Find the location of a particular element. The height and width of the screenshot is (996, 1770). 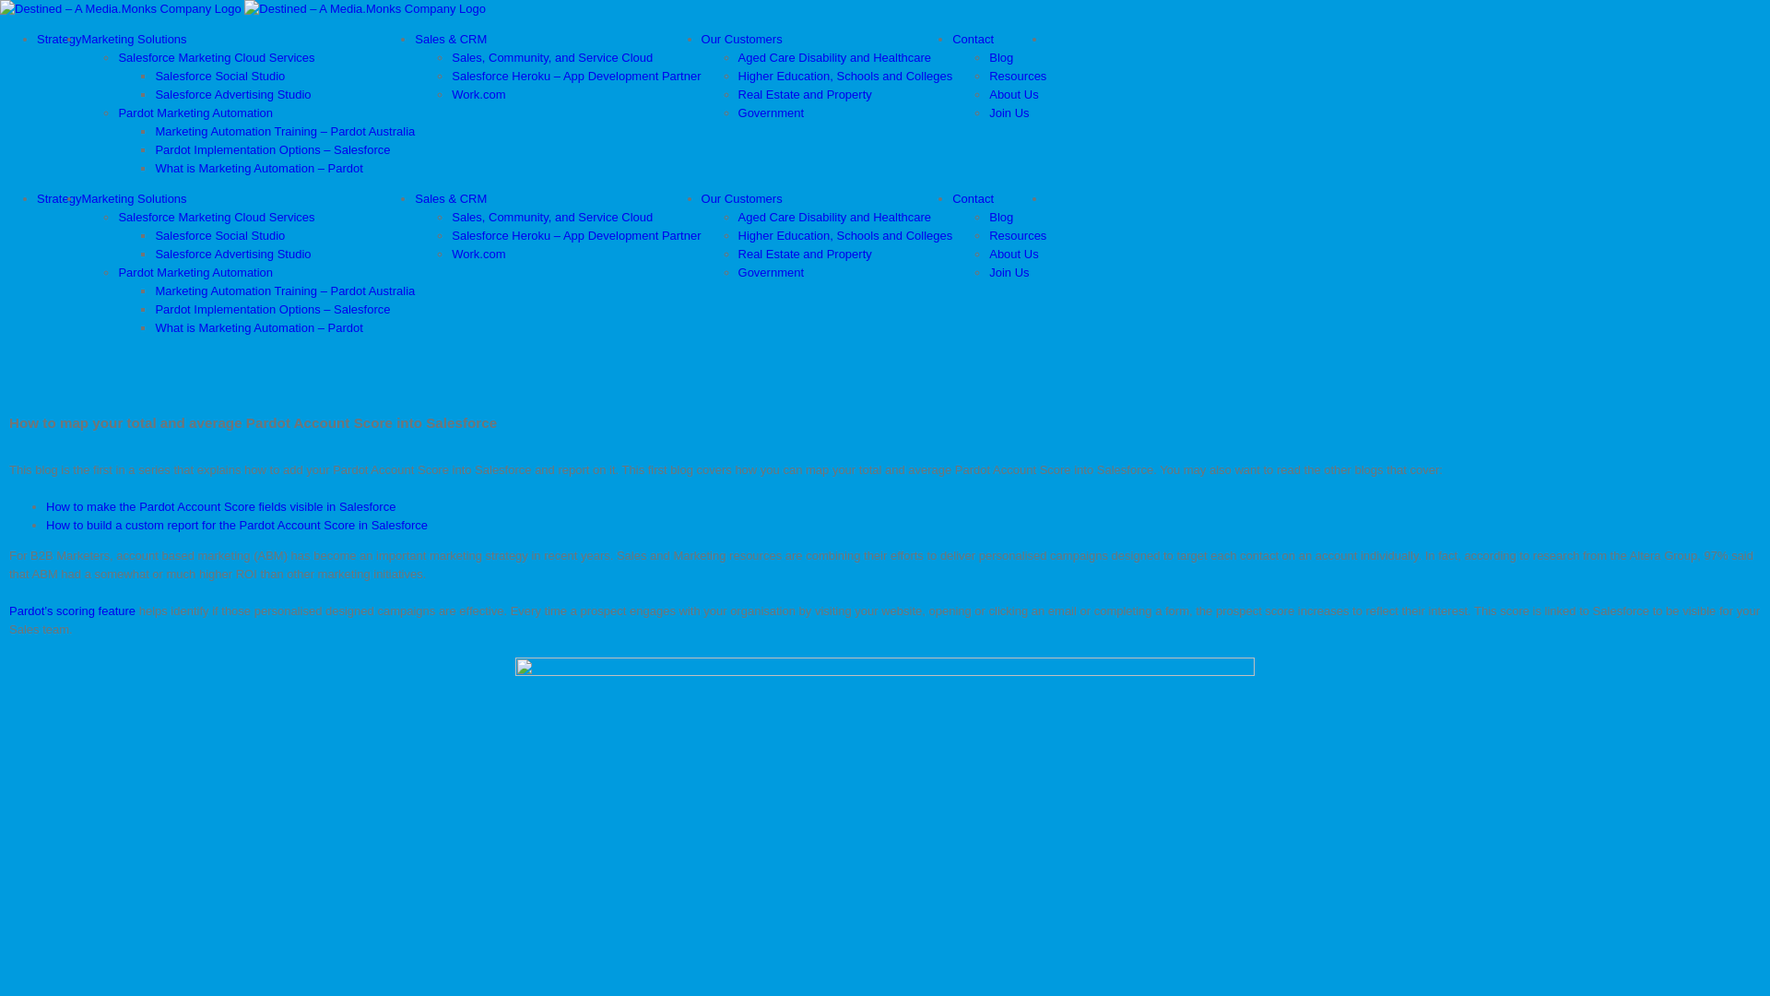

'Strategy' is located at coordinates (36, 39).